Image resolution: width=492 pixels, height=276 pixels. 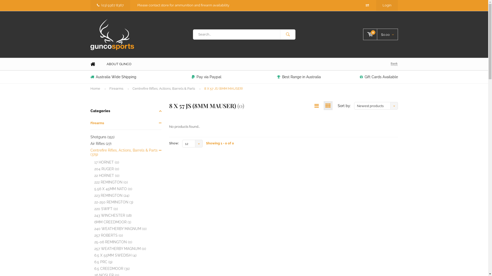 What do you see at coordinates (128, 162) in the screenshot?
I see `'17 HORNET (0)'` at bounding box center [128, 162].